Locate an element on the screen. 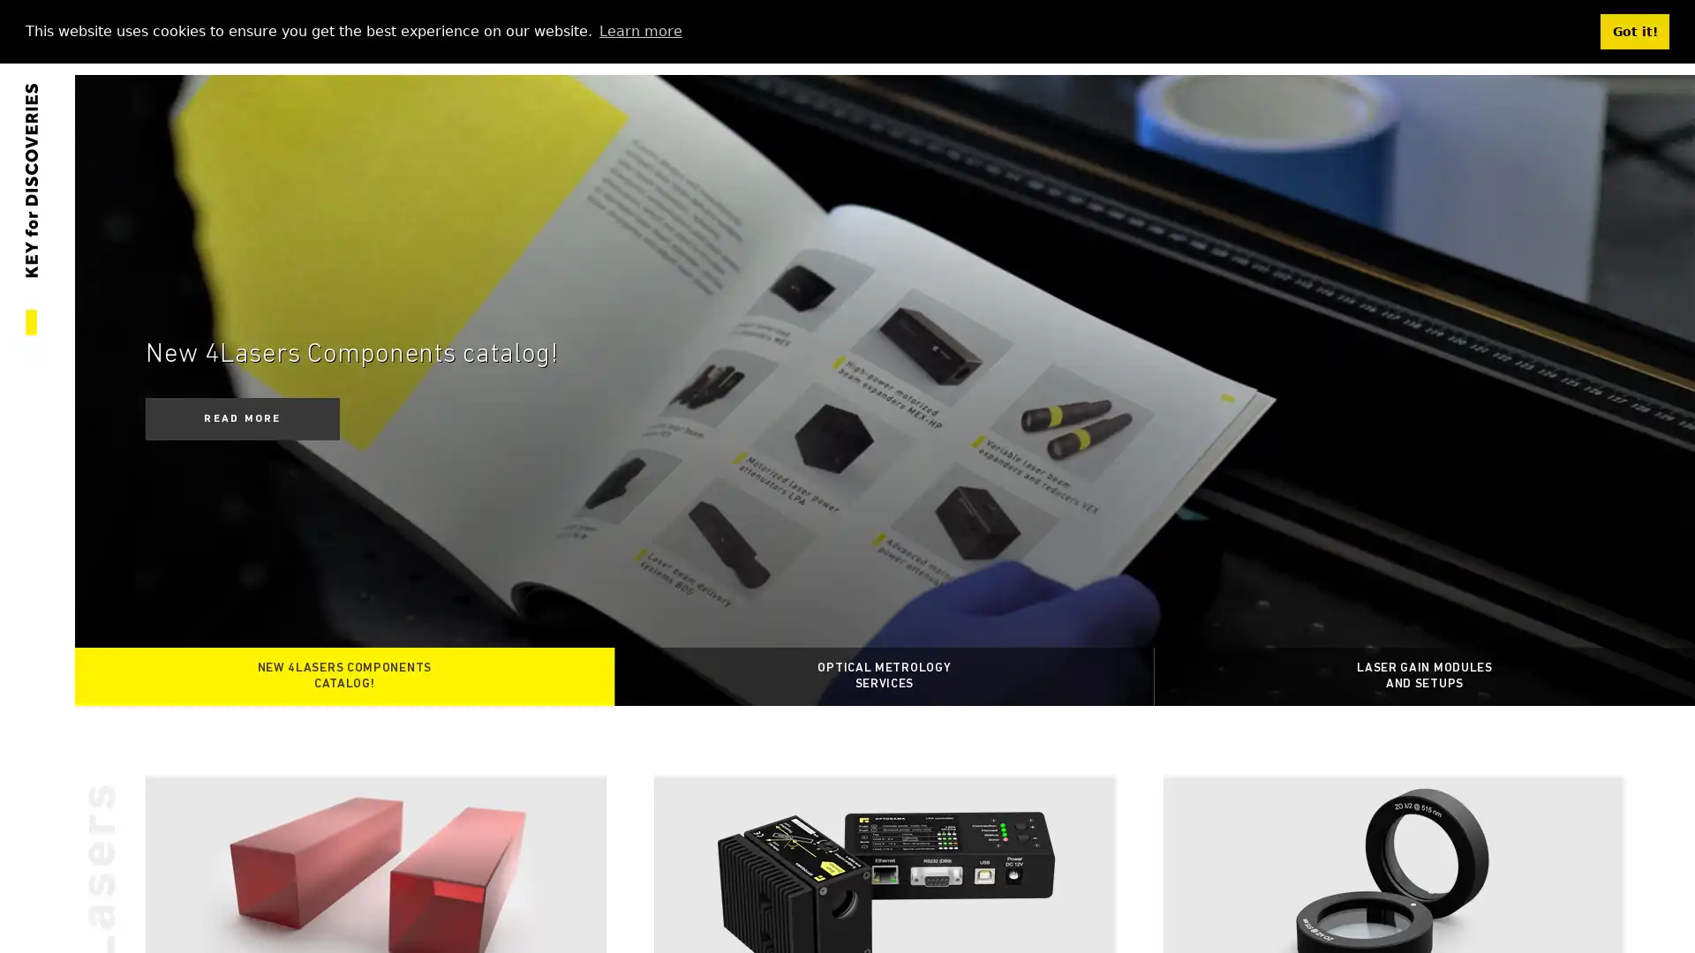 The height and width of the screenshot is (953, 1695). dismiss cookie message is located at coordinates (1634, 31).